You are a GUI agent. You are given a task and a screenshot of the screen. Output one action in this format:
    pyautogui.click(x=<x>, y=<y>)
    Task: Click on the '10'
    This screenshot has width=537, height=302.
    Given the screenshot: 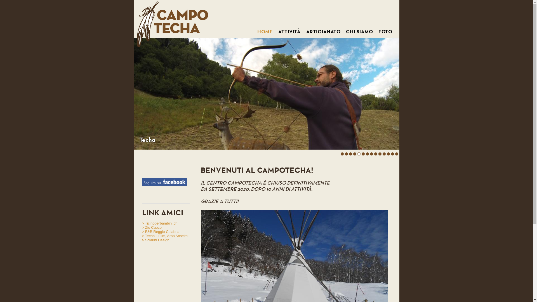 What is the action you would take?
    pyautogui.click(x=380, y=155)
    